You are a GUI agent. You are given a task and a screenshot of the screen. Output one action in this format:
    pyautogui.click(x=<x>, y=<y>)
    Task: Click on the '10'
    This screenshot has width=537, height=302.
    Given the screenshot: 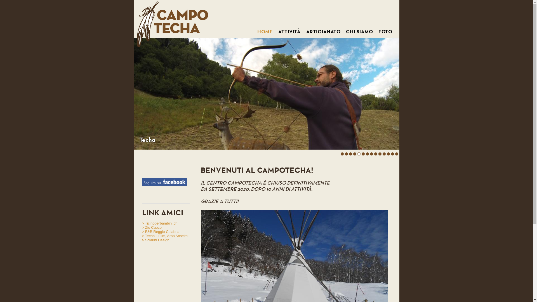 What is the action you would take?
    pyautogui.click(x=380, y=155)
    